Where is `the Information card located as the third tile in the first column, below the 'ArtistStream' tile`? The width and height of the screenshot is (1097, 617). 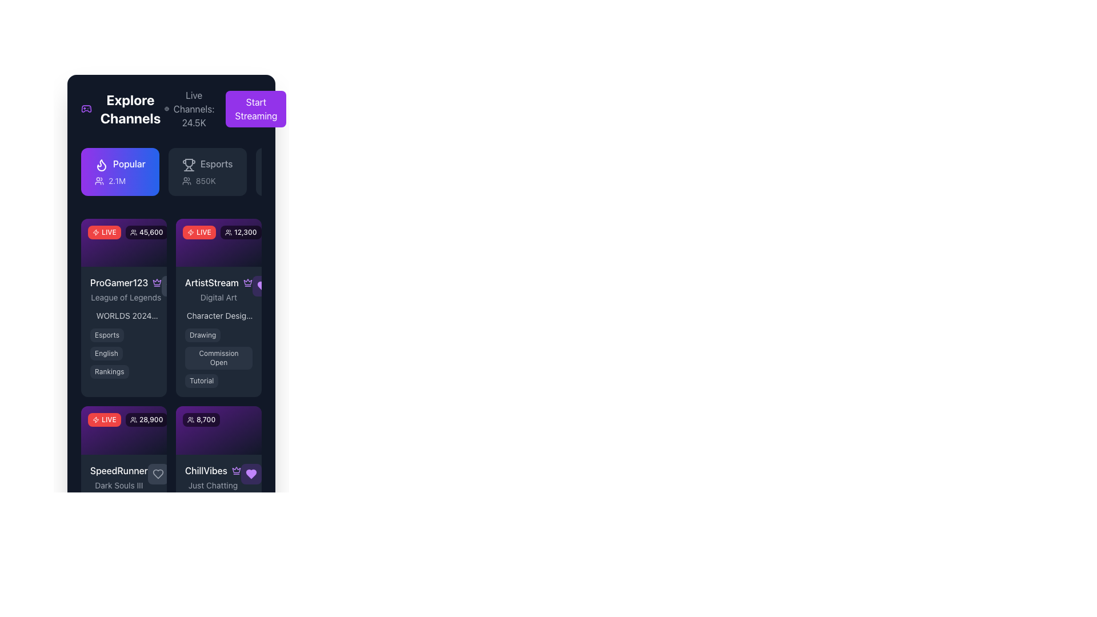
the Information card located as the third tile in the first column, below the 'ArtistStream' tile is located at coordinates (123, 515).